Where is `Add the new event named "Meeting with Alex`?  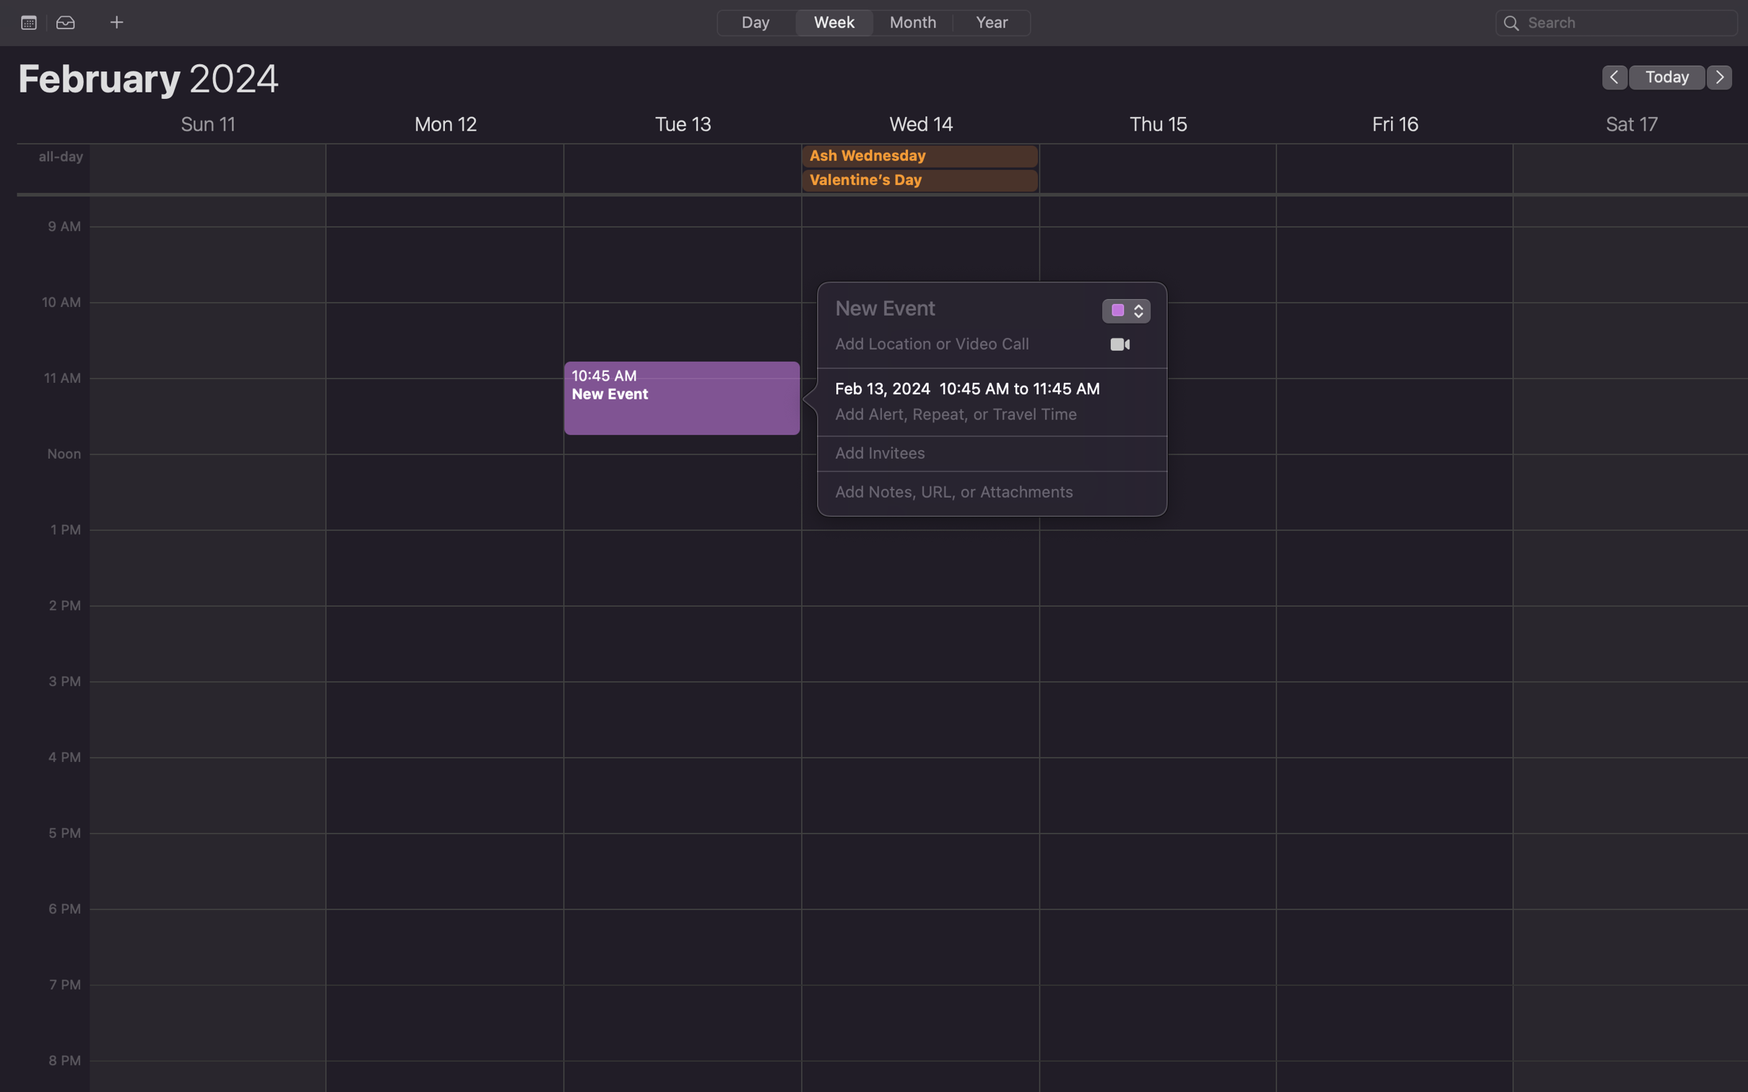 Add the new event named "Meeting with Alex is located at coordinates (956, 307).